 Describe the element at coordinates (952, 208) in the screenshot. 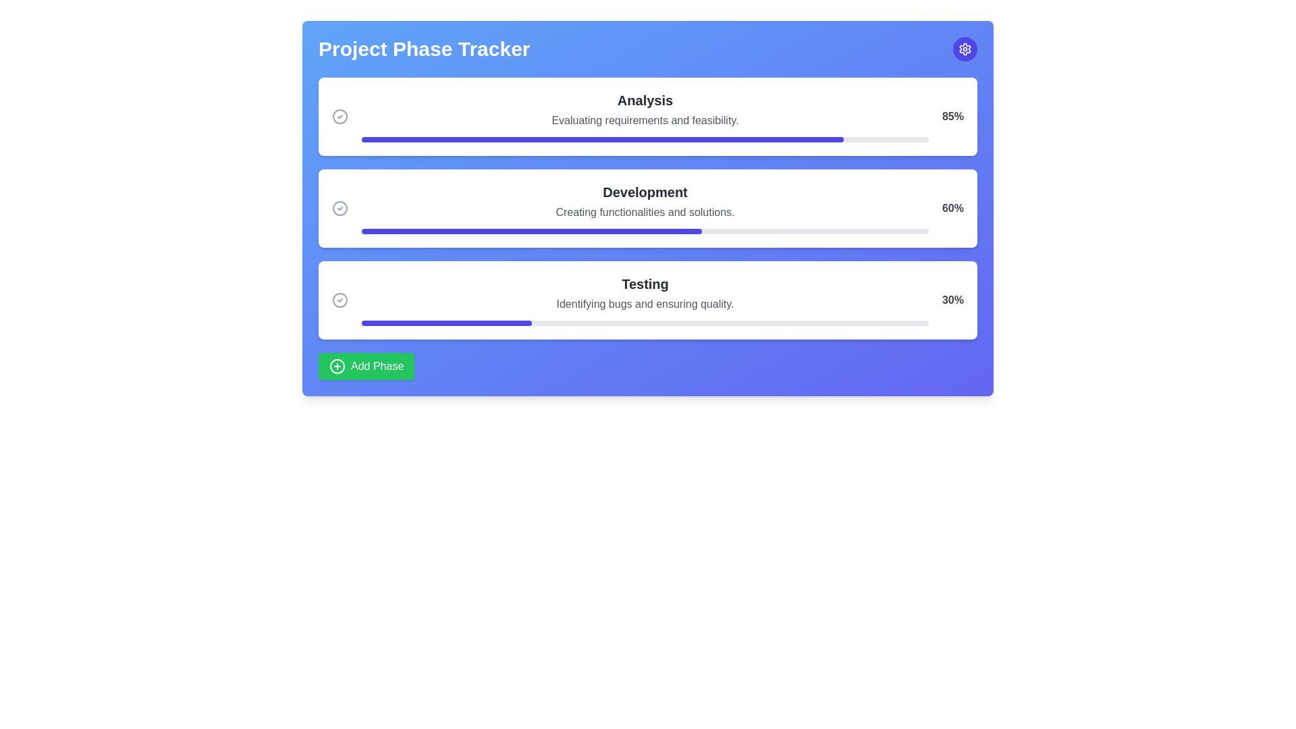

I see `text displayed in the progress label for the 'Development' task, located in the rightmost portion of the 'Development' progress card` at that location.